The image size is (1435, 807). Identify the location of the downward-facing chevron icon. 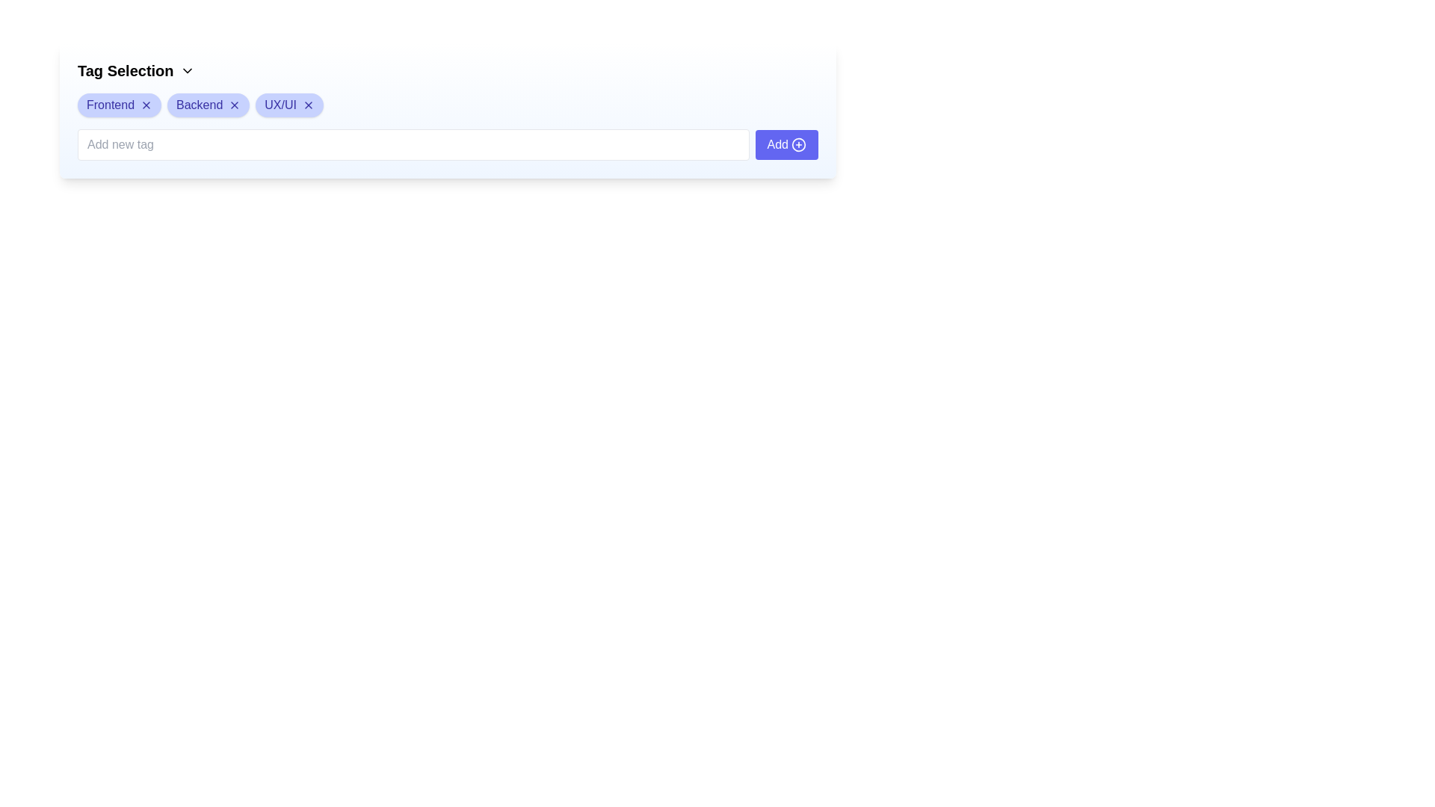
(186, 71).